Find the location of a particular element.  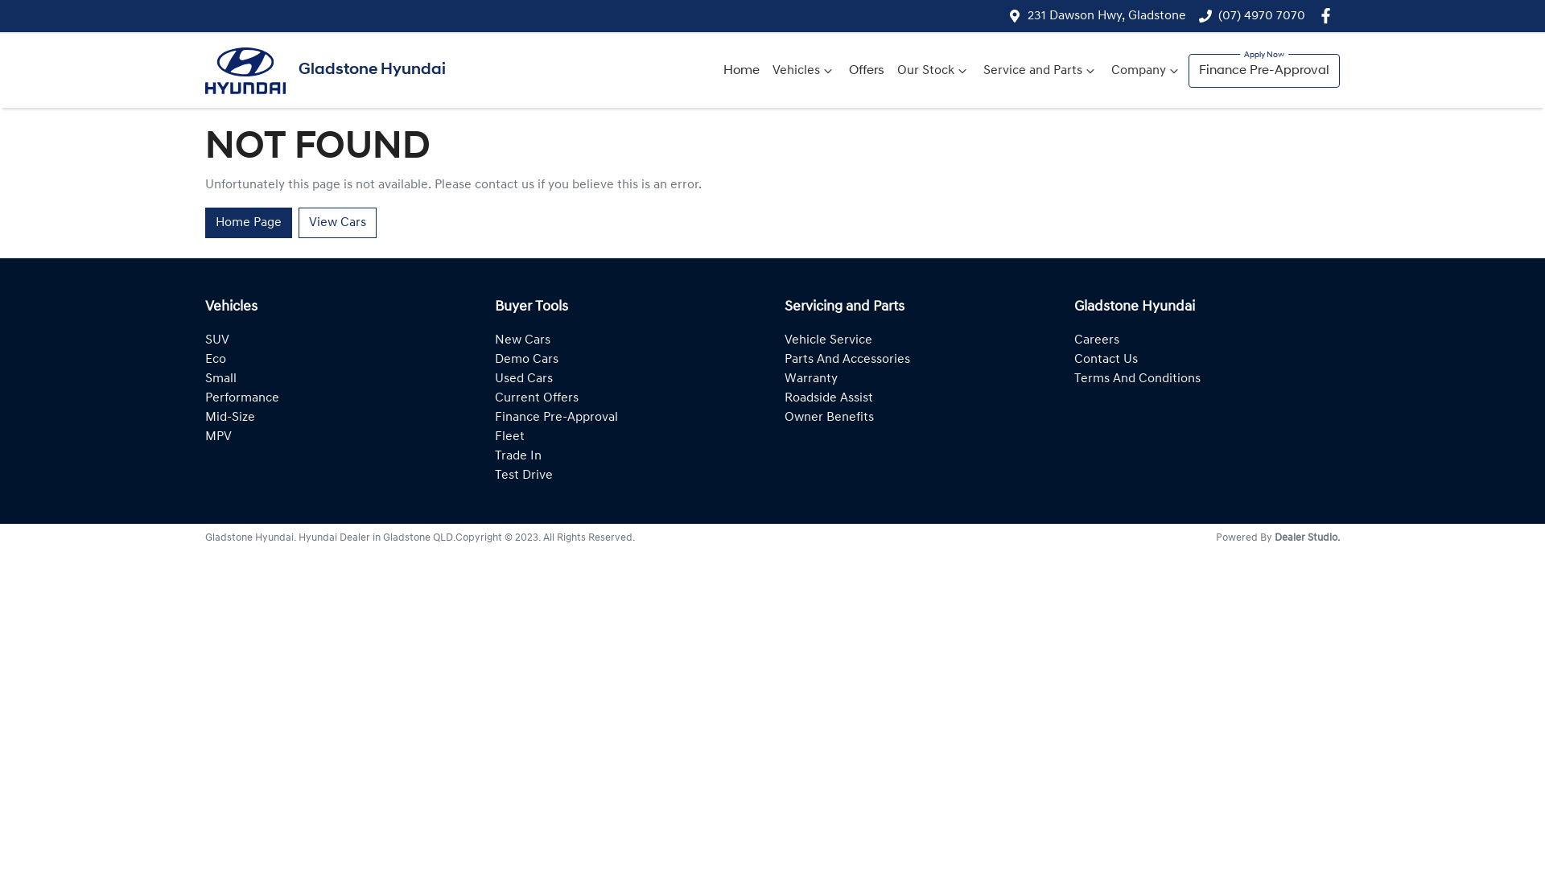

'Our Stock' is located at coordinates (933, 70).